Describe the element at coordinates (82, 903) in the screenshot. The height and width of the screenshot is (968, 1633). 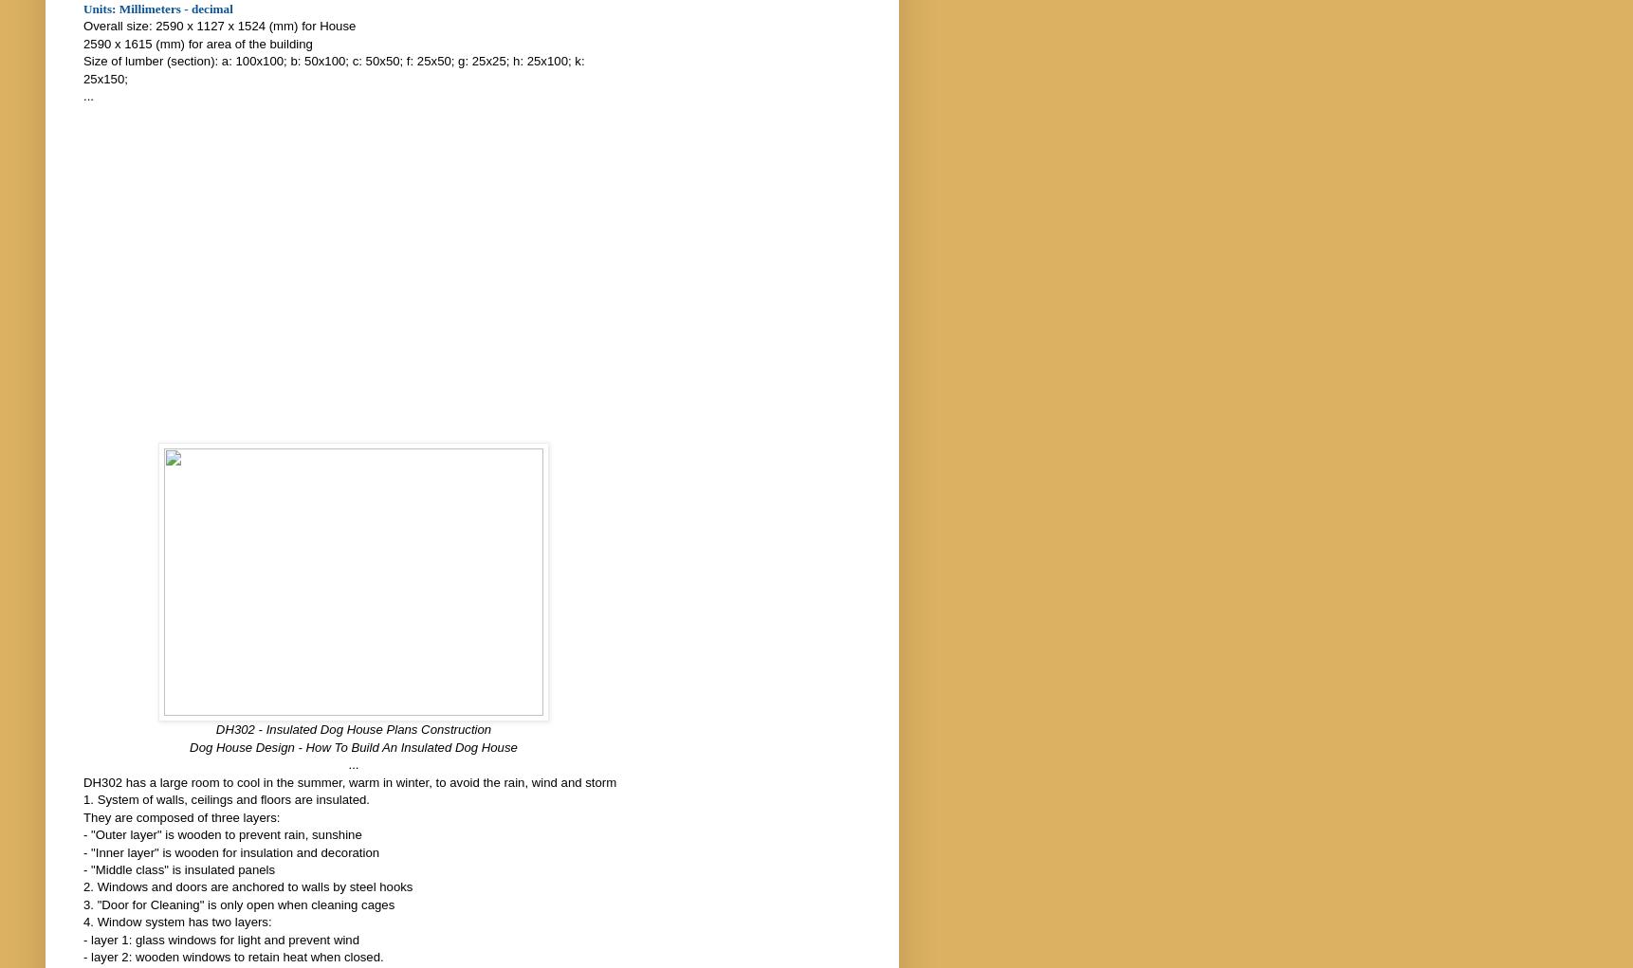
I see `'3. "Door for Cleaning" is only open when cleaning cages'` at that location.